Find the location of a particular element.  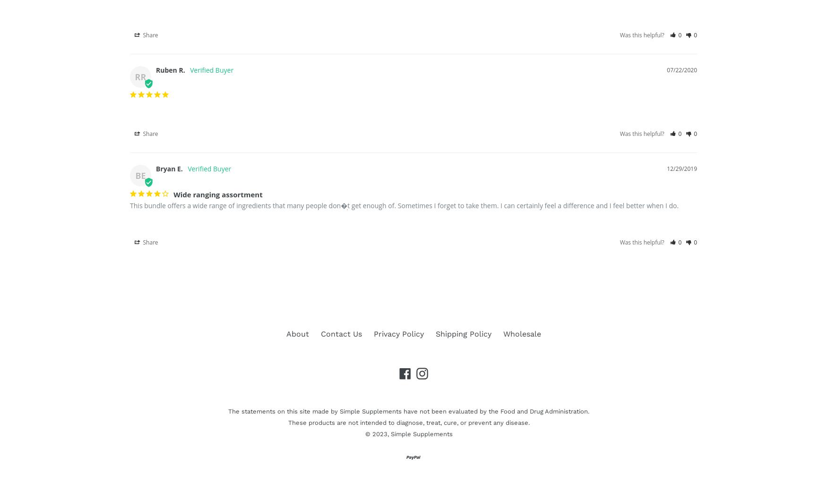

'Privacy Policy' is located at coordinates (398, 333).